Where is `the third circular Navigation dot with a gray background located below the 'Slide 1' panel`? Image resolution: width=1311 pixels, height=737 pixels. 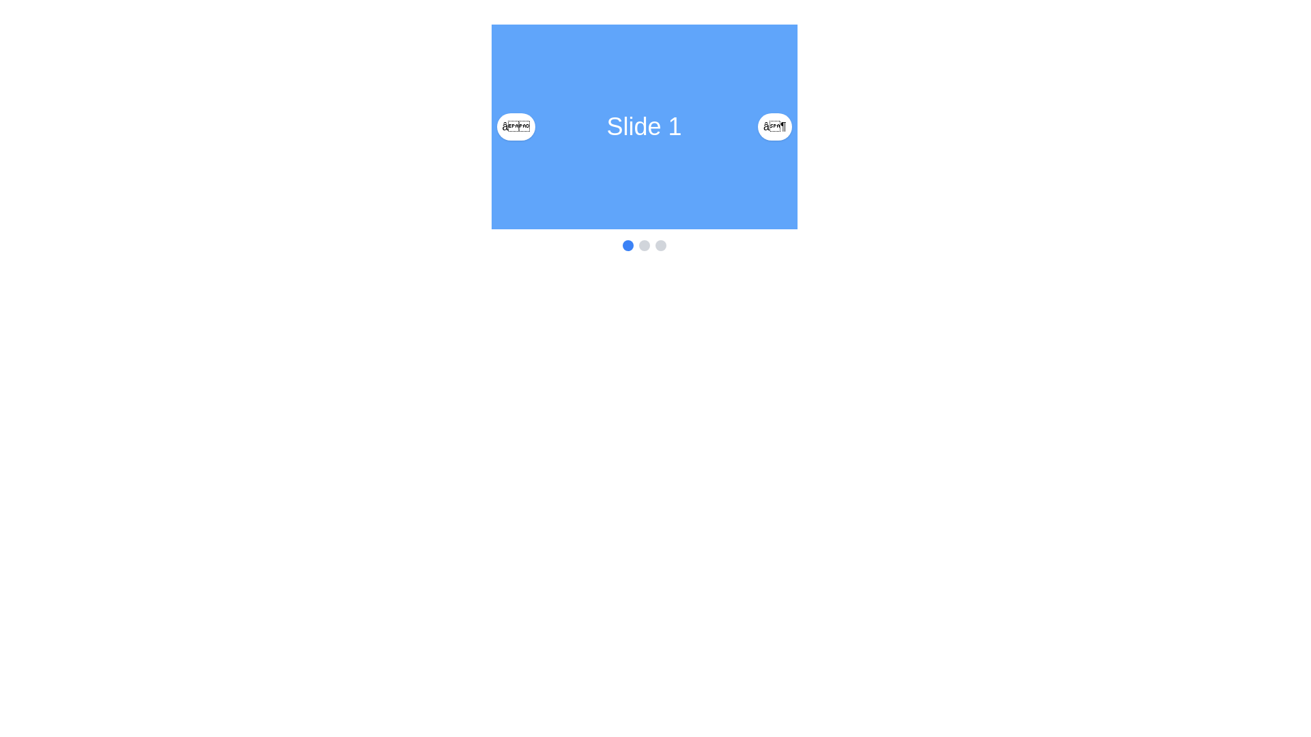
the third circular Navigation dot with a gray background located below the 'Slide 1' panel is located at coordinates (660, 244).